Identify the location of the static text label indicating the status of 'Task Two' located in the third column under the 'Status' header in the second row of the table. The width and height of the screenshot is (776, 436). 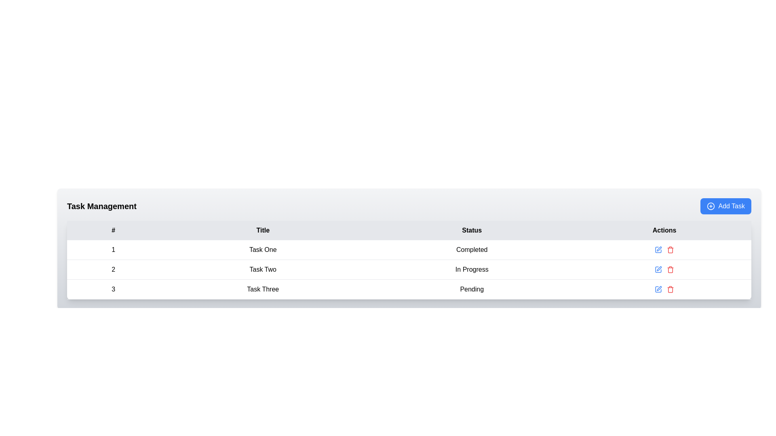
(472, 269).